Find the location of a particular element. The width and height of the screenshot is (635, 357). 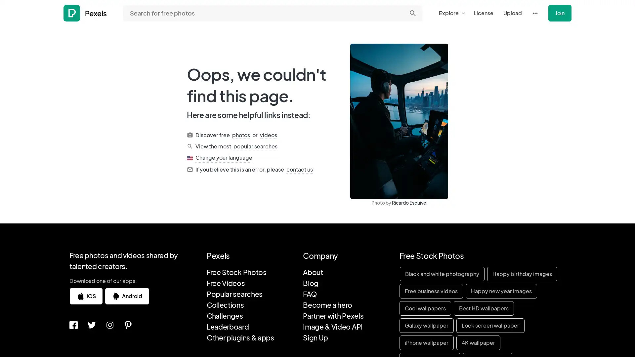

Change your language is located at coordinates (224, 158).